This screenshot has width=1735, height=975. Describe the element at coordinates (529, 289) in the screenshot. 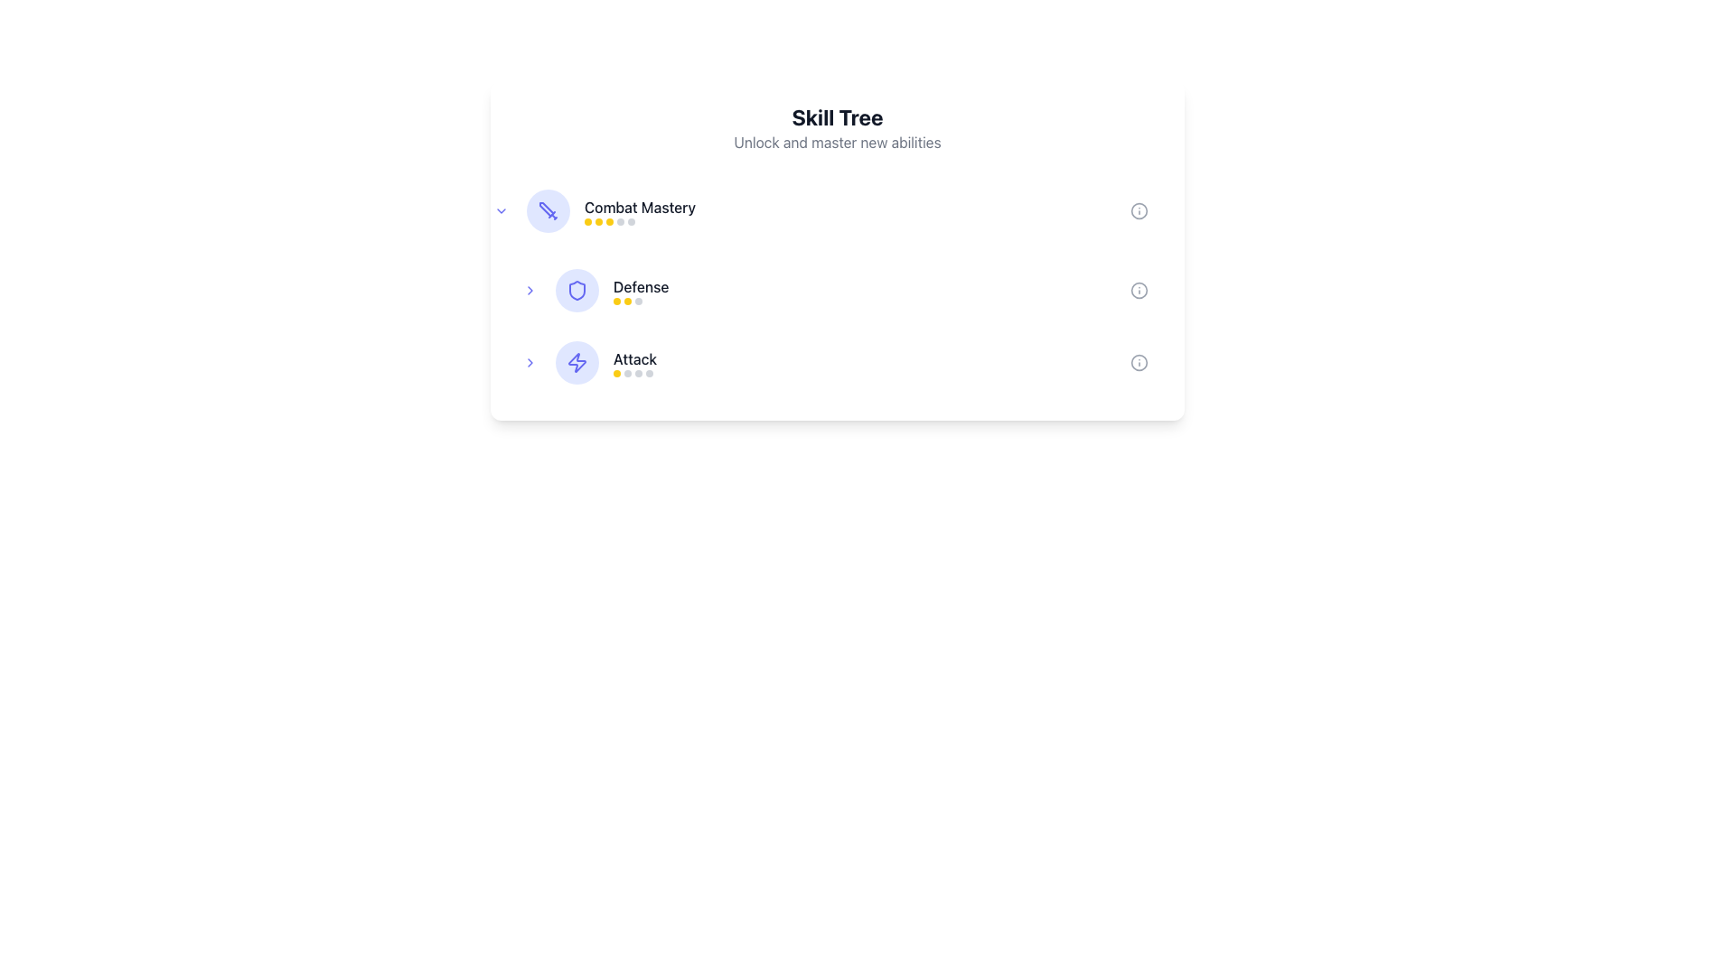

I see `the interactive button with an arrow icon located to the left of the 'Defense' text label` at that location.